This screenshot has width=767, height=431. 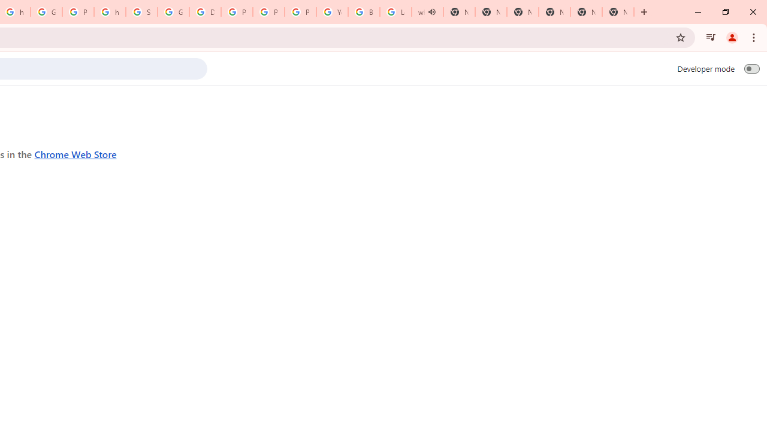 What do you see at coordinates (332, 12) in the screenshot?
I see `'YouTube'` at bounding box center [332, 12].